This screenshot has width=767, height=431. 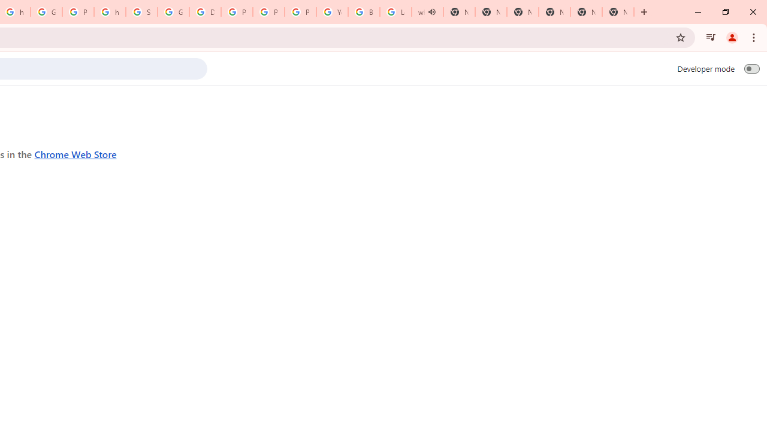 What do you see at coordinates (332, 12) in the screenshot?
I see `'YouTube'` at bounding box center [332, 12].